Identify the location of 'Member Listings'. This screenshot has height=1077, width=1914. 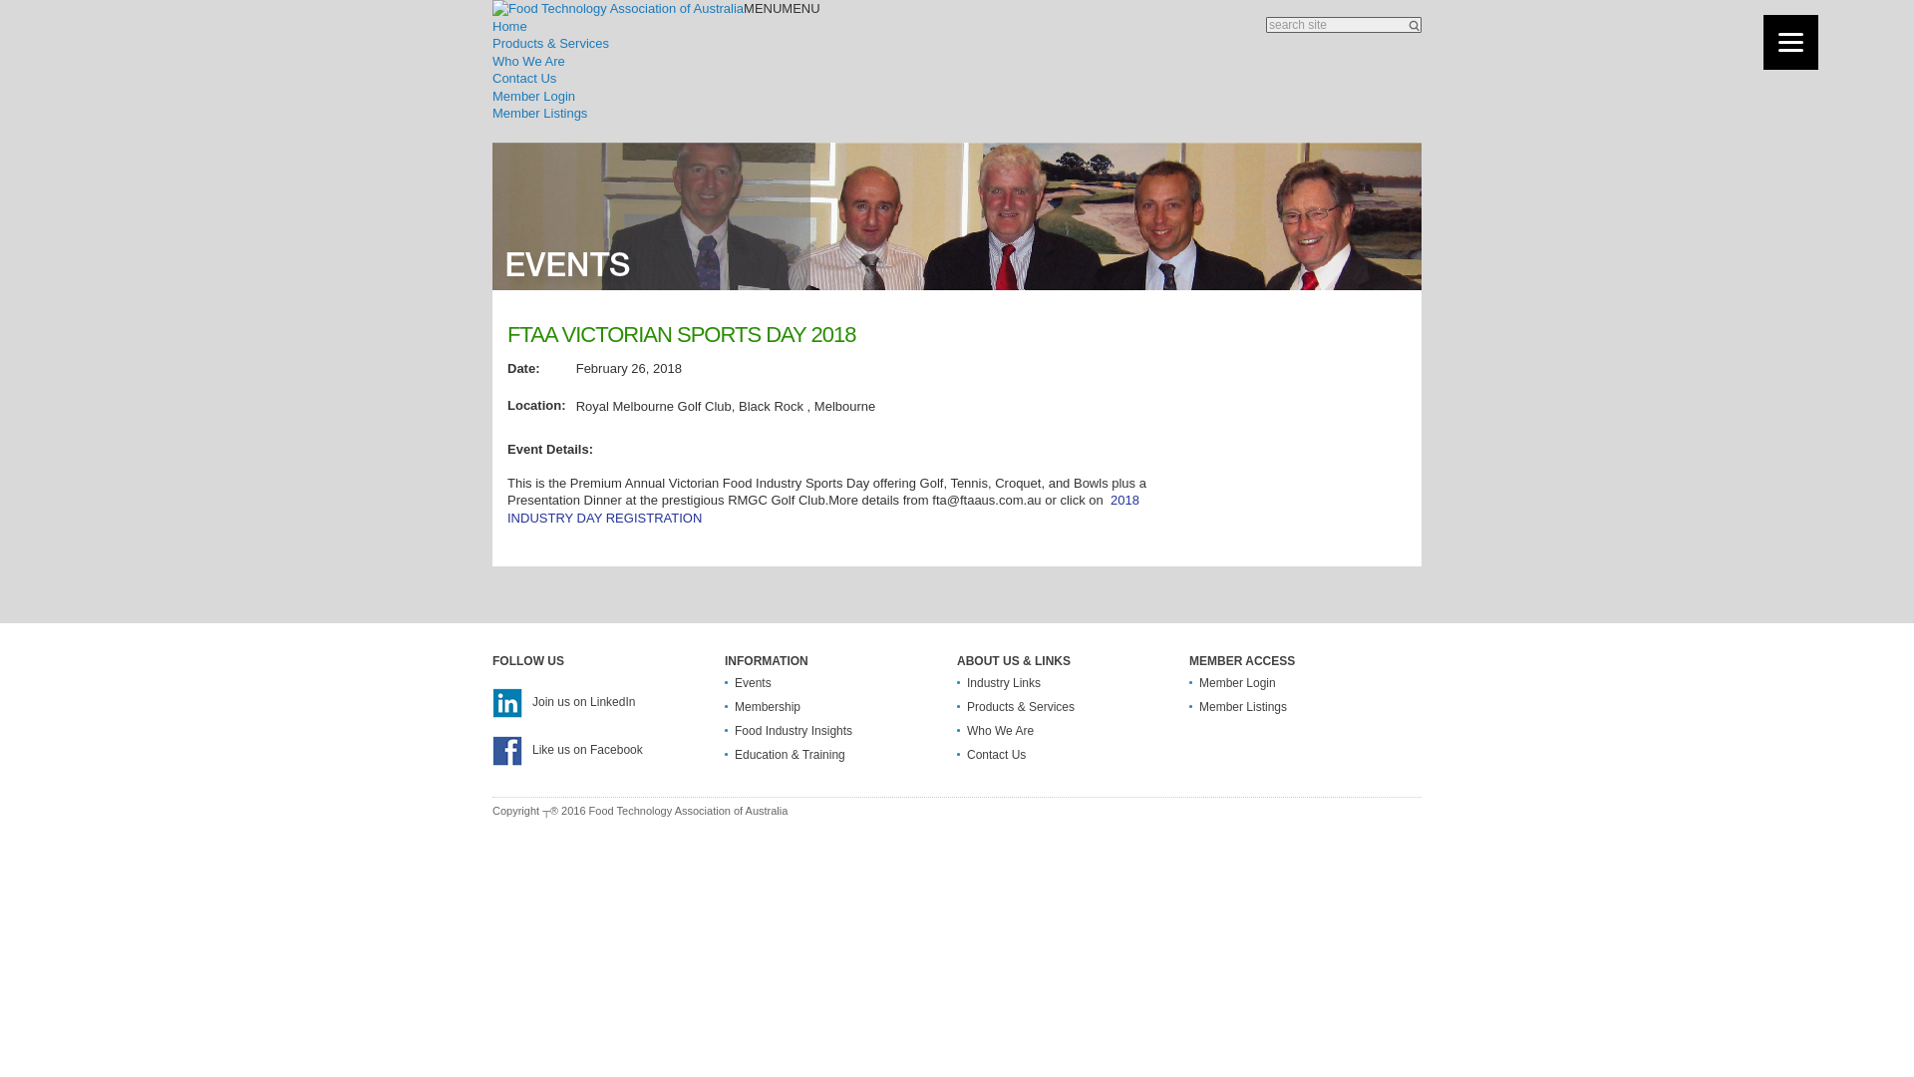
(539, 113).